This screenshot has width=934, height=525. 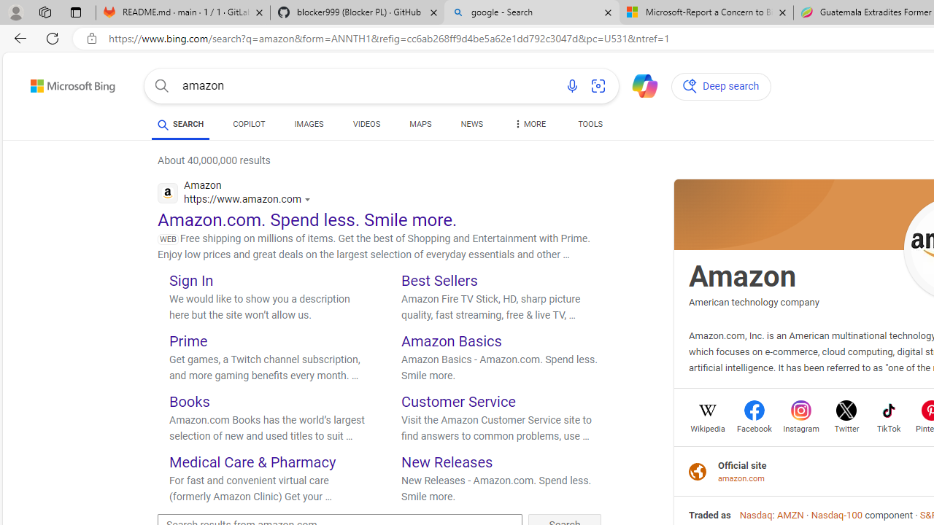 I want to click on 'Nasdaq-100', so click(x=836, y=514).